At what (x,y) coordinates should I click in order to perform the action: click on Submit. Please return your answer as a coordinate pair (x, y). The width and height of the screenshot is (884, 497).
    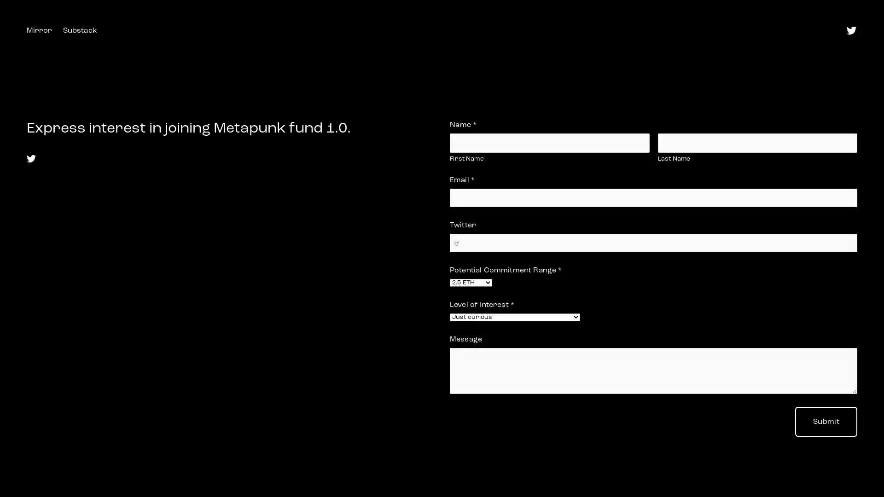
    Looking at the image, I should click on (826, 422).